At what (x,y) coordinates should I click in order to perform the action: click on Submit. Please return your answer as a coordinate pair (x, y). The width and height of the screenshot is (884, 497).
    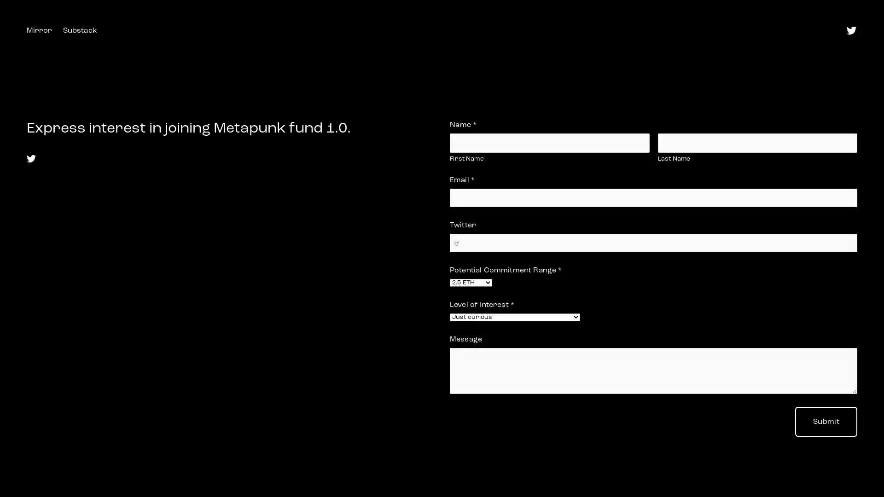
    Looking at the image, I should click on (826, 422).